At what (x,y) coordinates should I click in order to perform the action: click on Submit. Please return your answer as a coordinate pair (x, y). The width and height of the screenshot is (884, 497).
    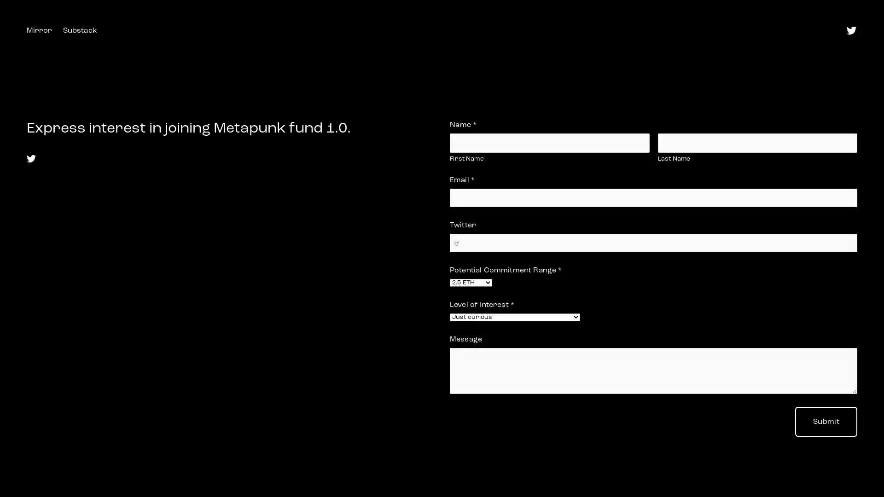
    Looking at the image, I should click on (826, 422).